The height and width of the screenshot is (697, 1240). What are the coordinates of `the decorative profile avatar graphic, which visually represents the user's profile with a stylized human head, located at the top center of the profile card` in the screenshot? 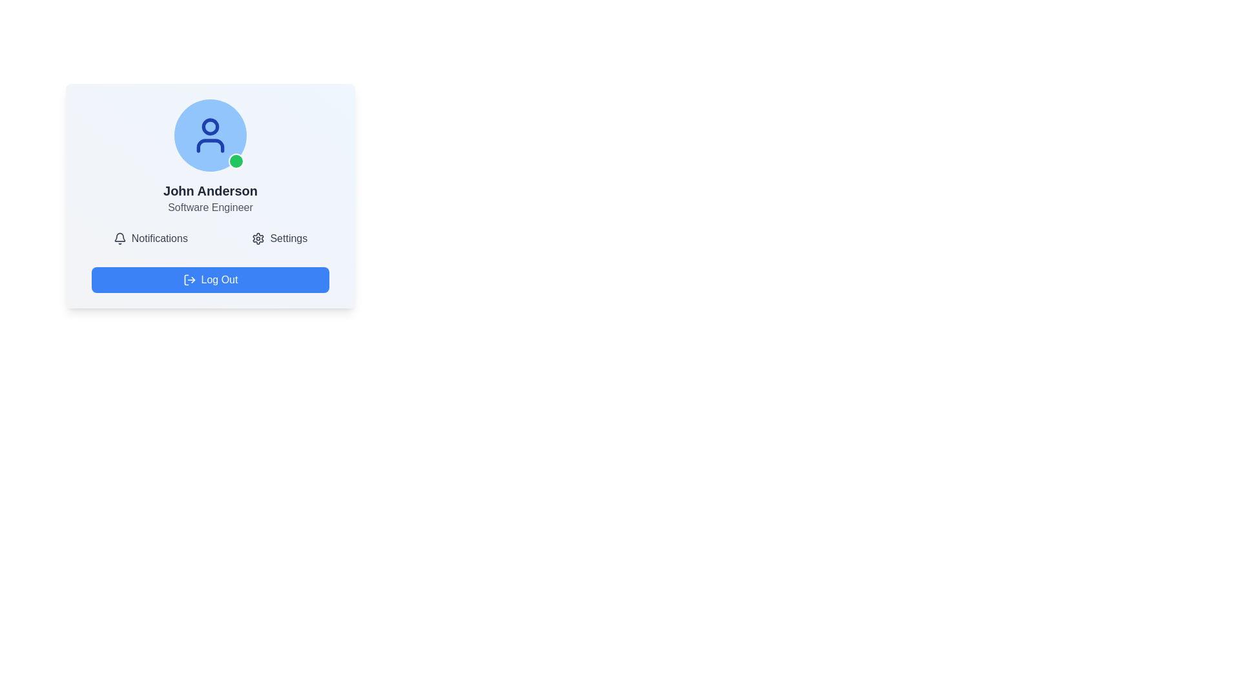 It's located at (211, 126).